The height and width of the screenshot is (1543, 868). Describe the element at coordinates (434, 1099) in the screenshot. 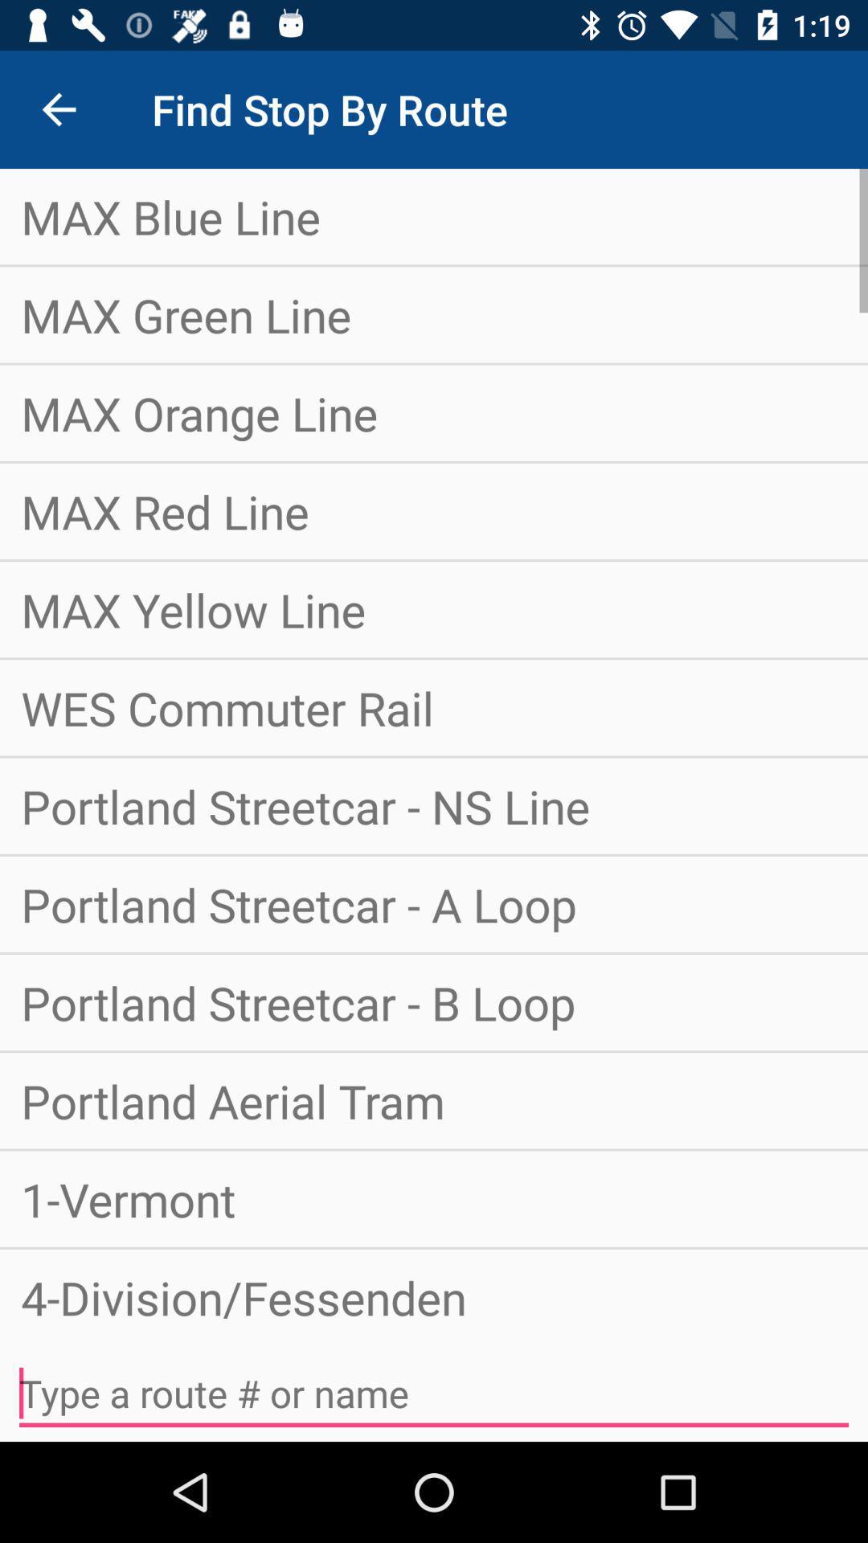

I see `icon above the 1-vermont icon` at that location.